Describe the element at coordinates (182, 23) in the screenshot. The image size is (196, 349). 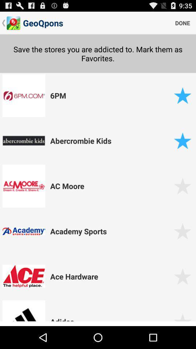
I see `the item next to geoqpons item` at that location.